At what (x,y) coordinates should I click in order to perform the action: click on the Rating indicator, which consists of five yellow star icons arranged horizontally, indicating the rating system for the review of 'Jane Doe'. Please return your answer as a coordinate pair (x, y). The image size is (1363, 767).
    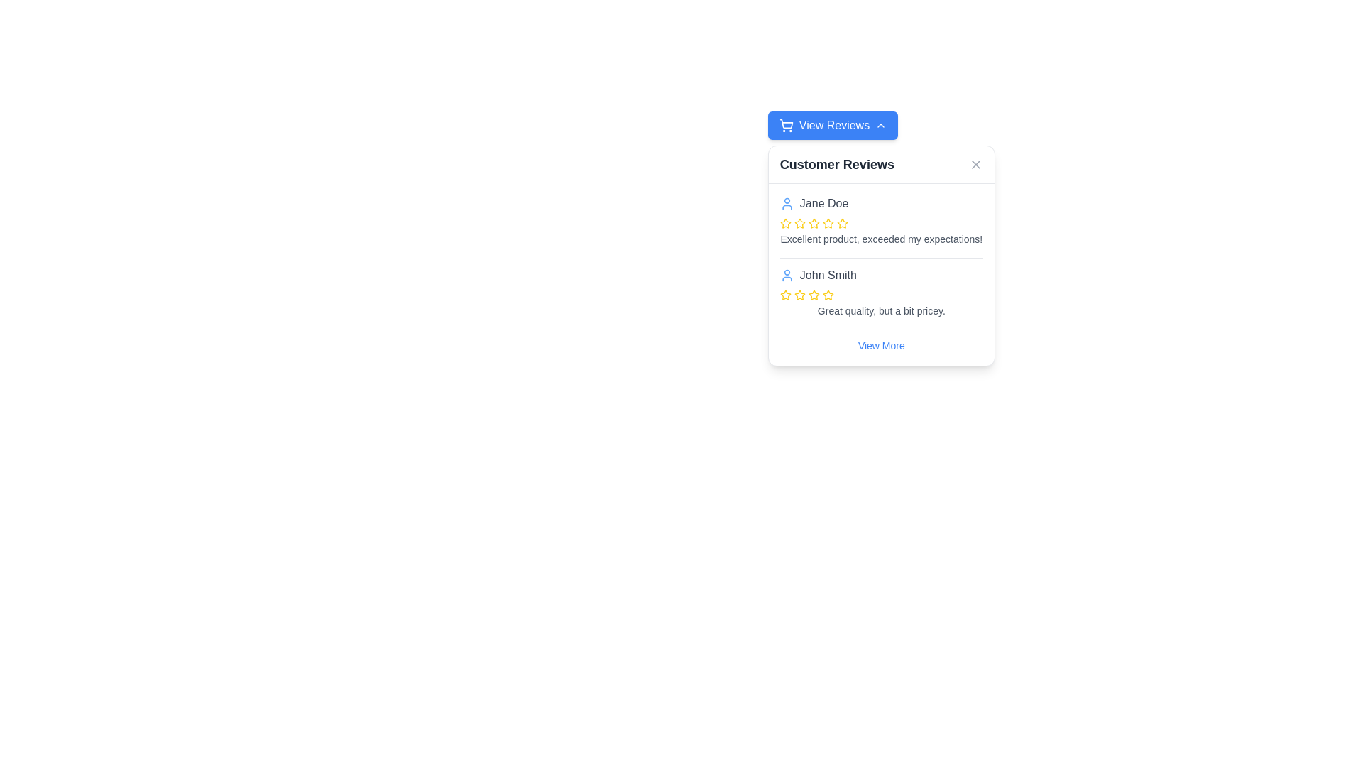
    Looking at the image, I should click on (880, 224).